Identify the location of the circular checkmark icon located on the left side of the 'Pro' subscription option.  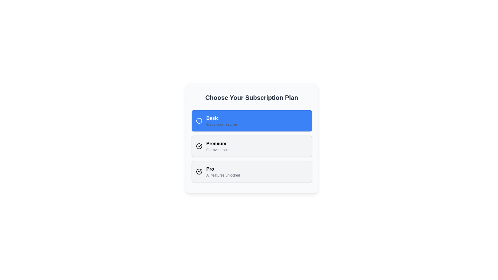
(199, 172).